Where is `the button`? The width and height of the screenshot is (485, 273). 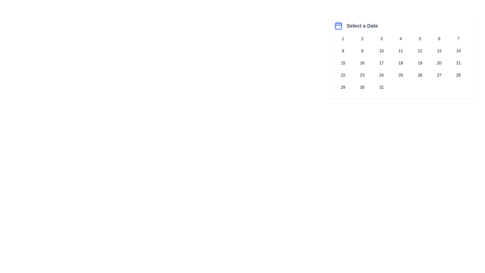 the button is located at coordinates (400, 75).